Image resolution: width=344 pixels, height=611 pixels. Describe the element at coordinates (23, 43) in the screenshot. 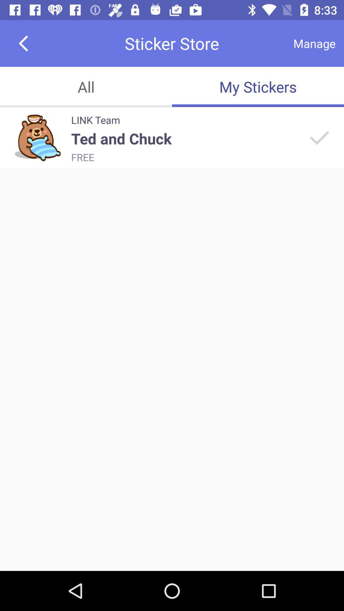

I see `the item to the left of the sticker store app` at that location.